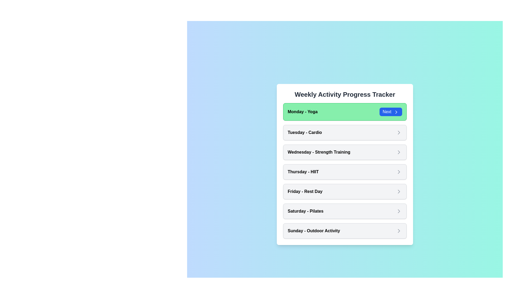  Describe the element at coordinates (399, 152) in the screenshot. I see `the chevron icon located at the far right of the 'Wednesday - Strength Training' list item` at that location.